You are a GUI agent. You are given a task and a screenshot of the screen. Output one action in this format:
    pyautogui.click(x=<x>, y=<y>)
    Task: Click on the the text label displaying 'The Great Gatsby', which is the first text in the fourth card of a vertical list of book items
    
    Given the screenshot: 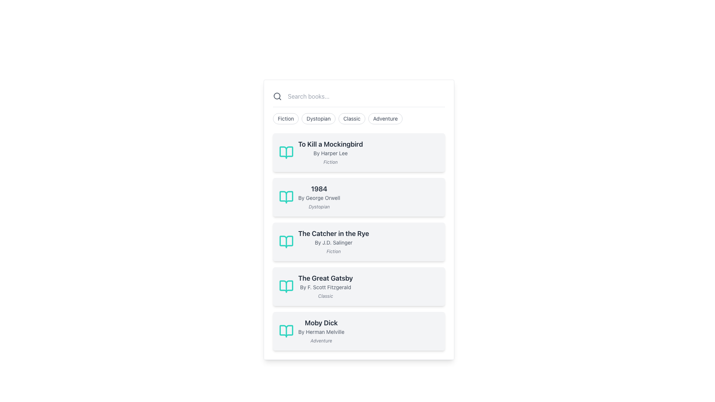 What is the action you would take?
    pyautogui.click(x=325, y=278)
    